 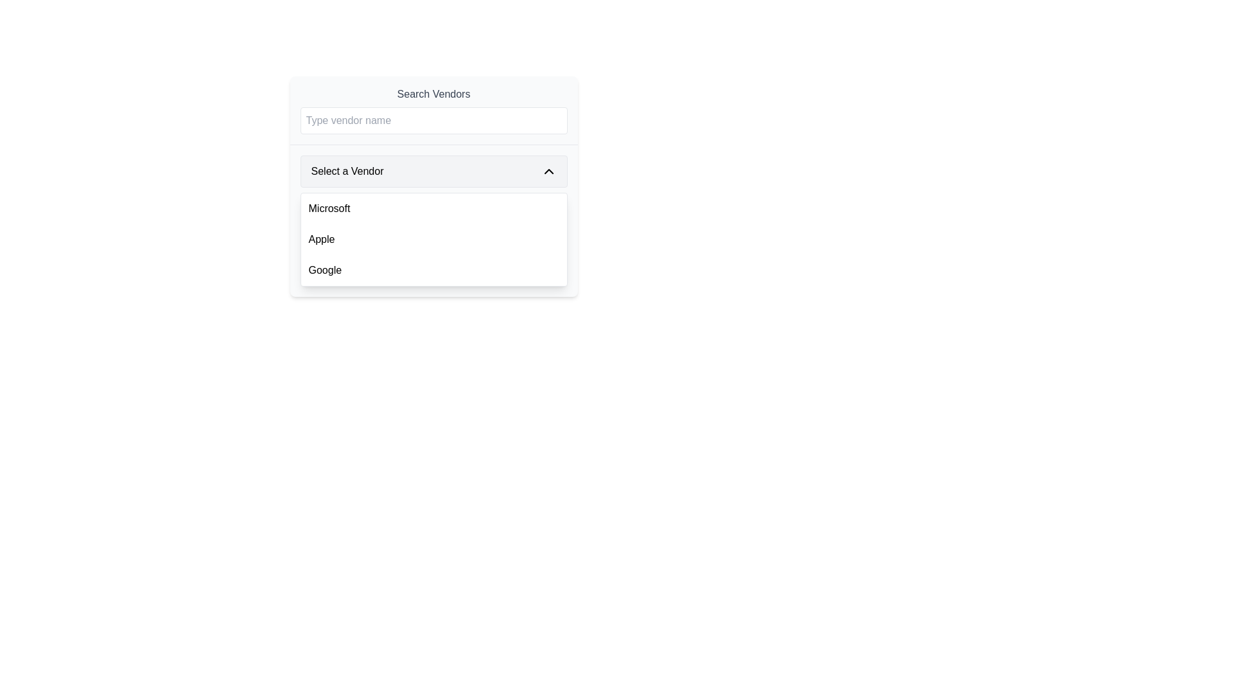 What do you see at coordinates (433, 269) in the screenshot?
I see `the selectable list item representing 'Google' in the dropdown menu` at bounding box center [433, 269].